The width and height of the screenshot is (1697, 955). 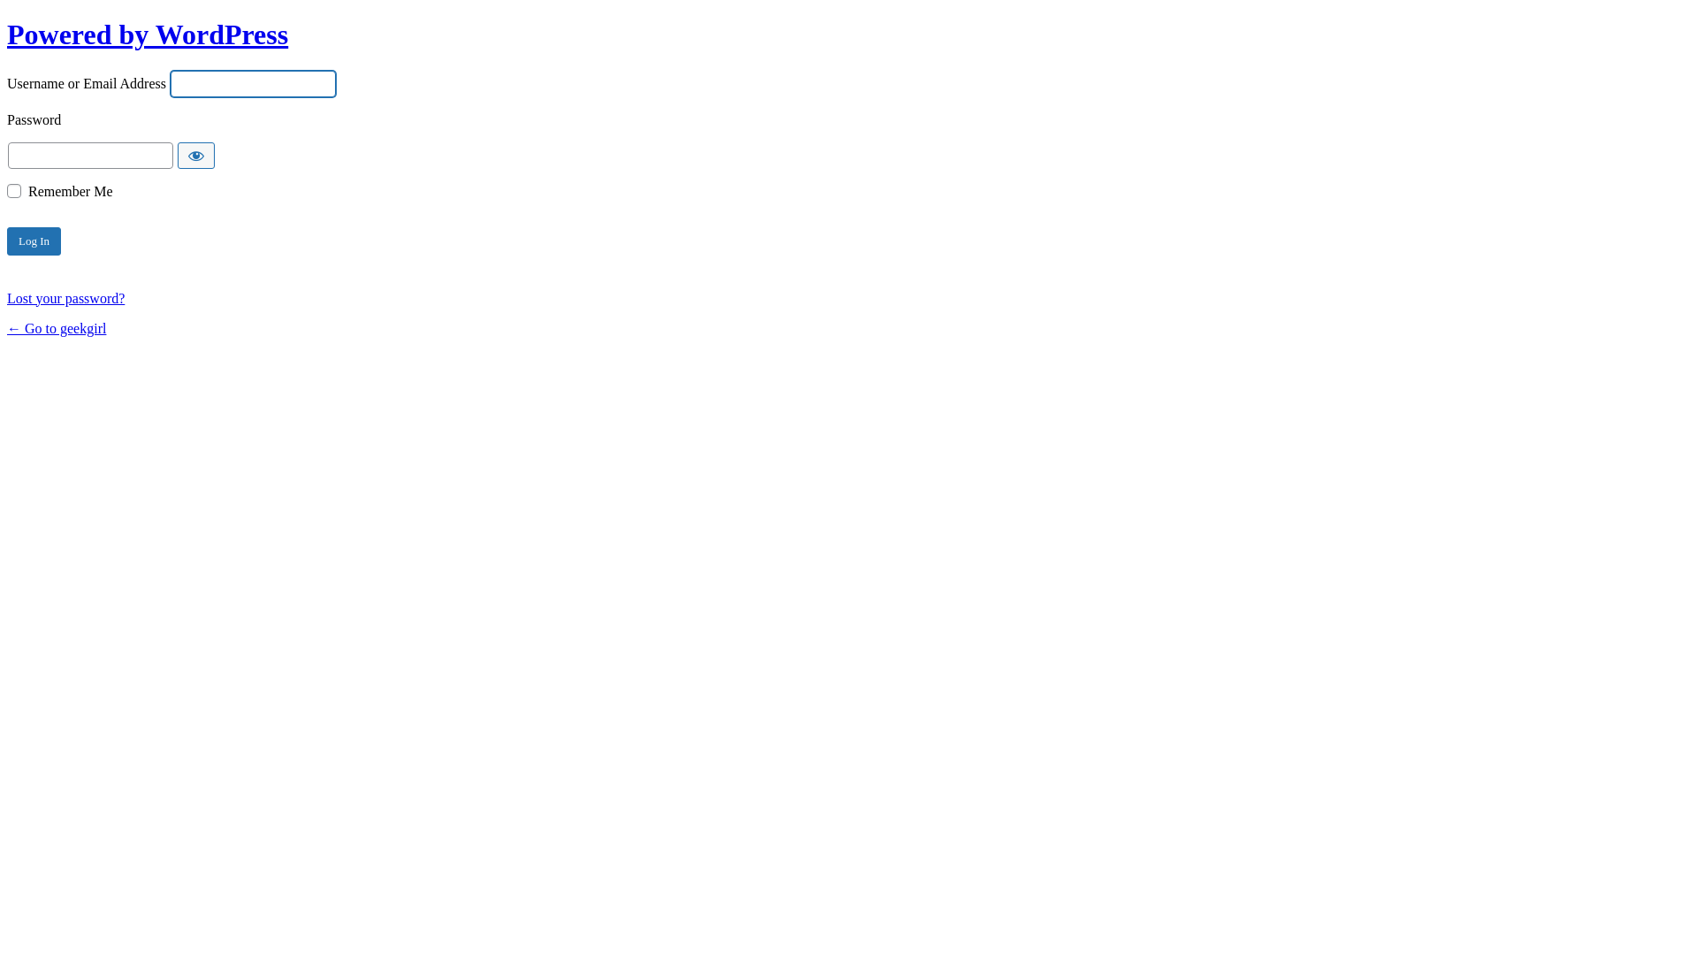 I want to click on 'Log In', so click(x=34, y=241).